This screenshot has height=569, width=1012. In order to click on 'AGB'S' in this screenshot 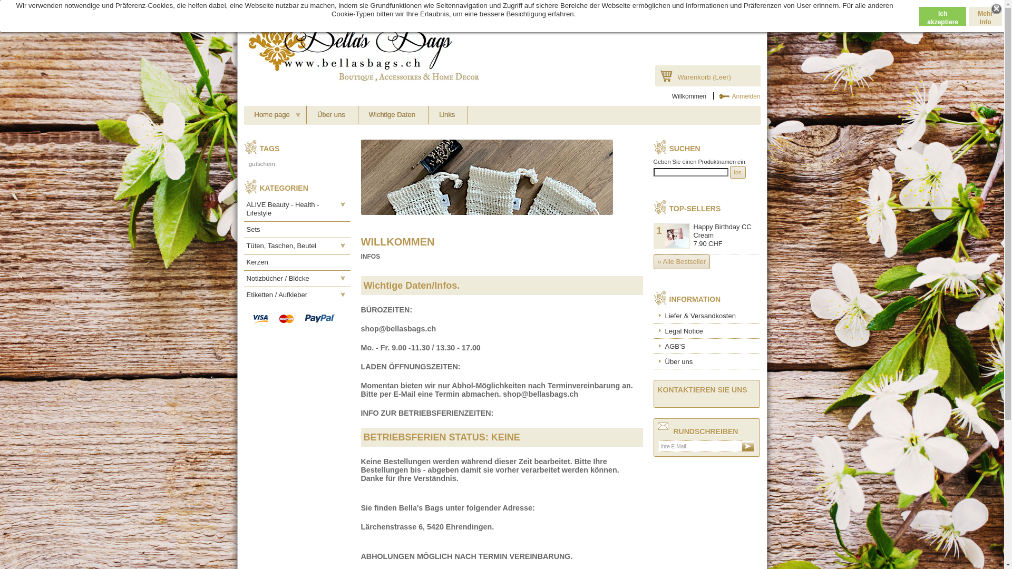, I will do `click(706, 346)`.